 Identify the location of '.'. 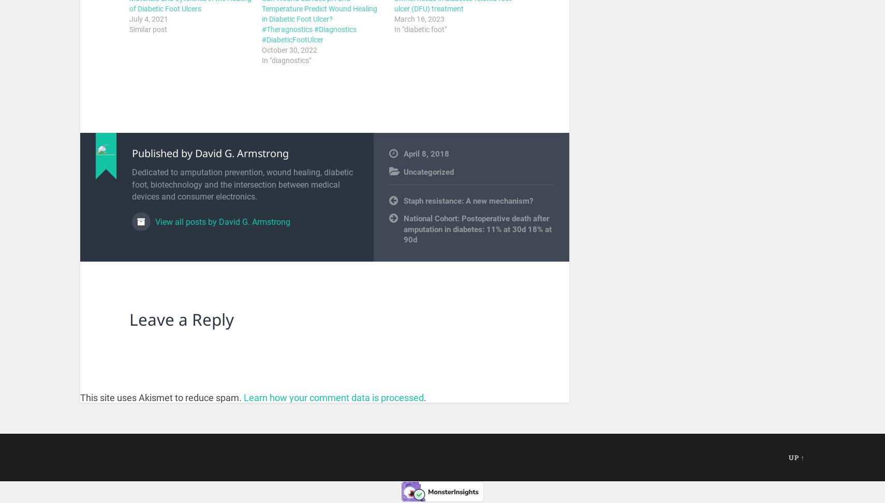
(425, 397).